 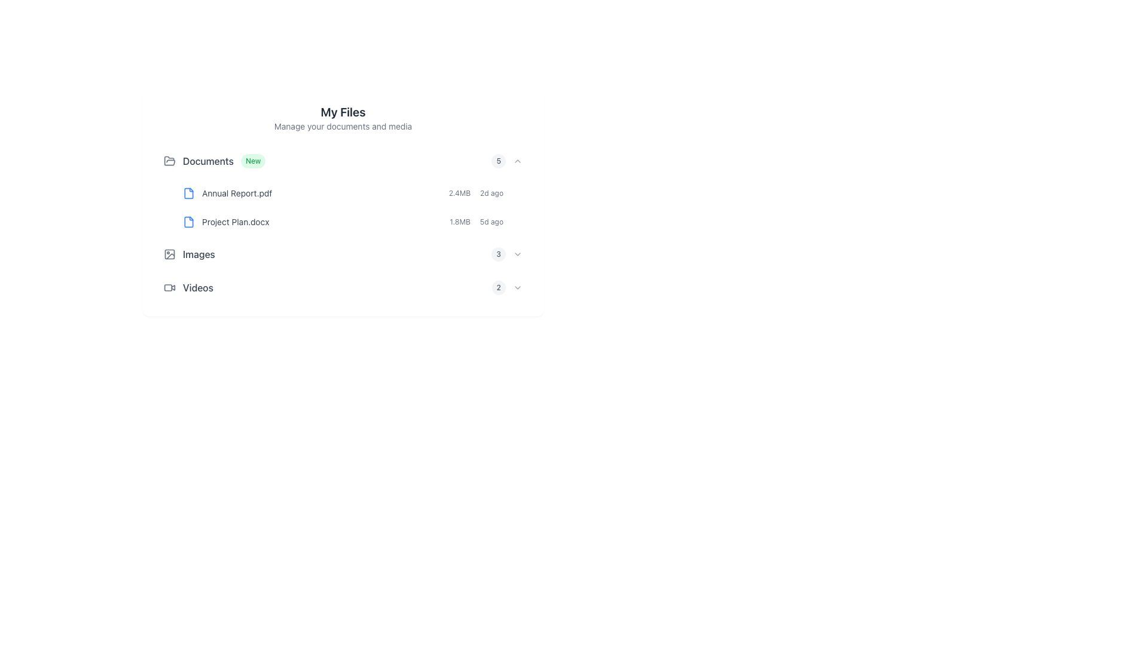 I want to click on the 'Documents' category icon located at the top of the vertical list of categories, which visually represents document-related items, so click(x=169, y=160).